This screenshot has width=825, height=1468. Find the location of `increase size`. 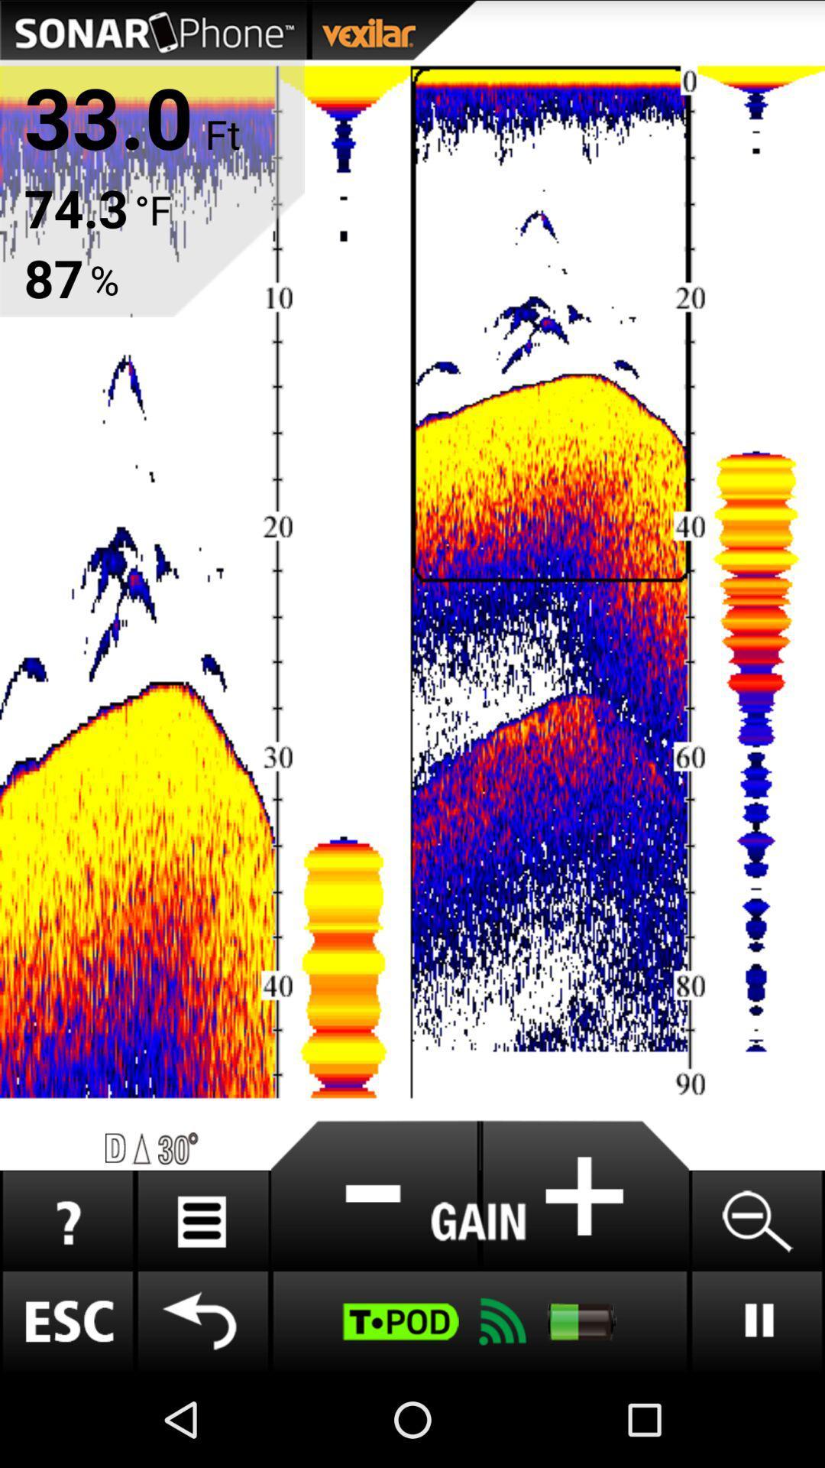

increase size is located at coordinates (584, 1195).